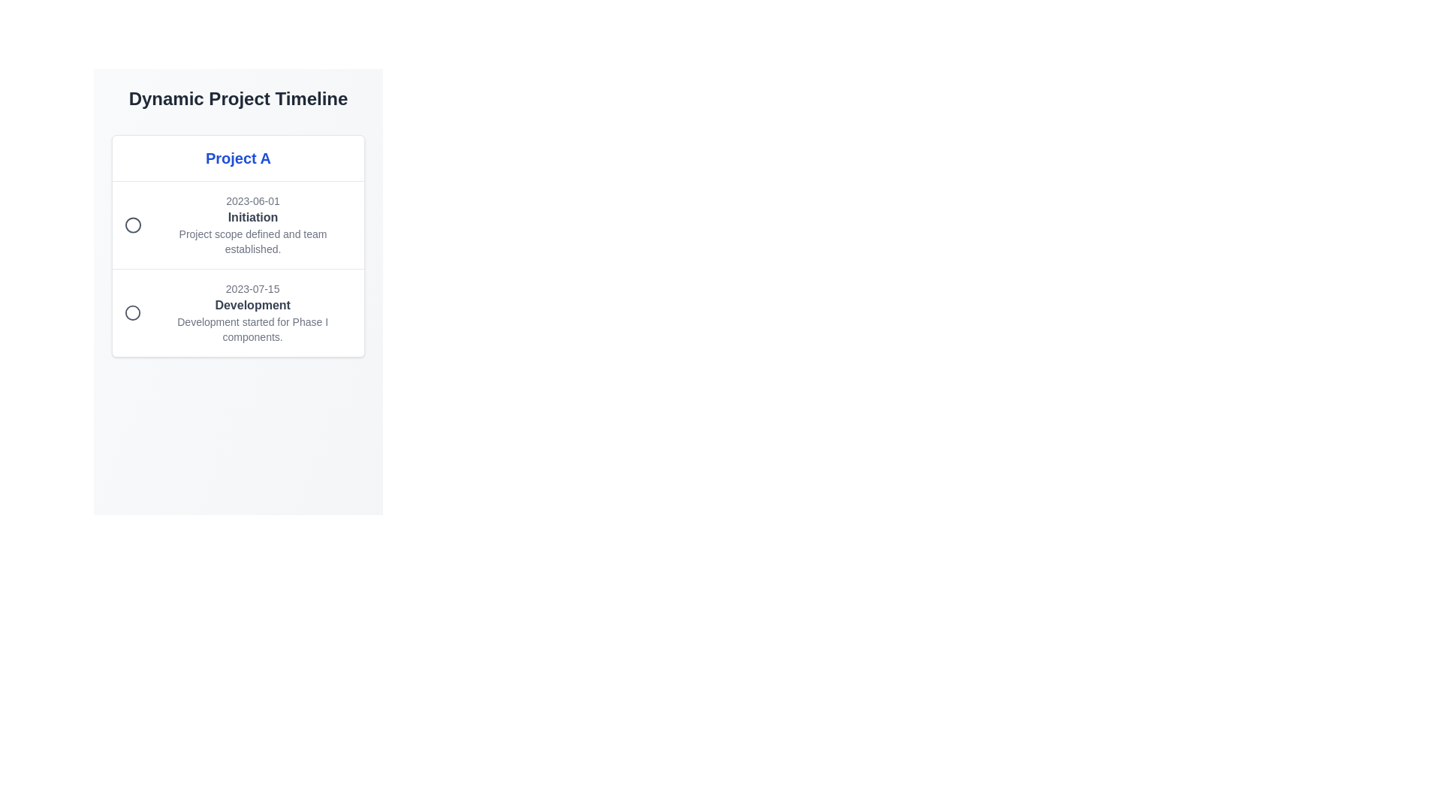  Describe the element at coordinates (252, 225) in the screenshot. I see `the non-interactive text block displaying the timeline item for 'Initiation', located centrally below the title 'Project A'` at that location.